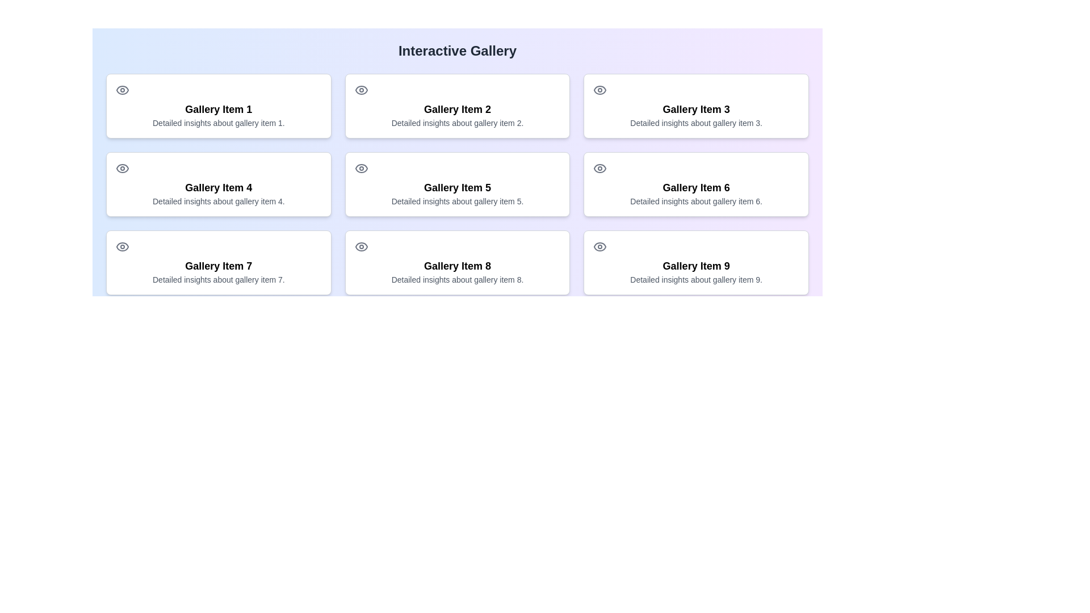 Image resolution: width=1090 pixels, height=613 pixels. Describe the element at coordinates (695, 183) in the screenshot. I see `the card displaying 'Gallery Item 6' with an eye icon on the top left, located in the middle row and last column of the grid layout` at that location.